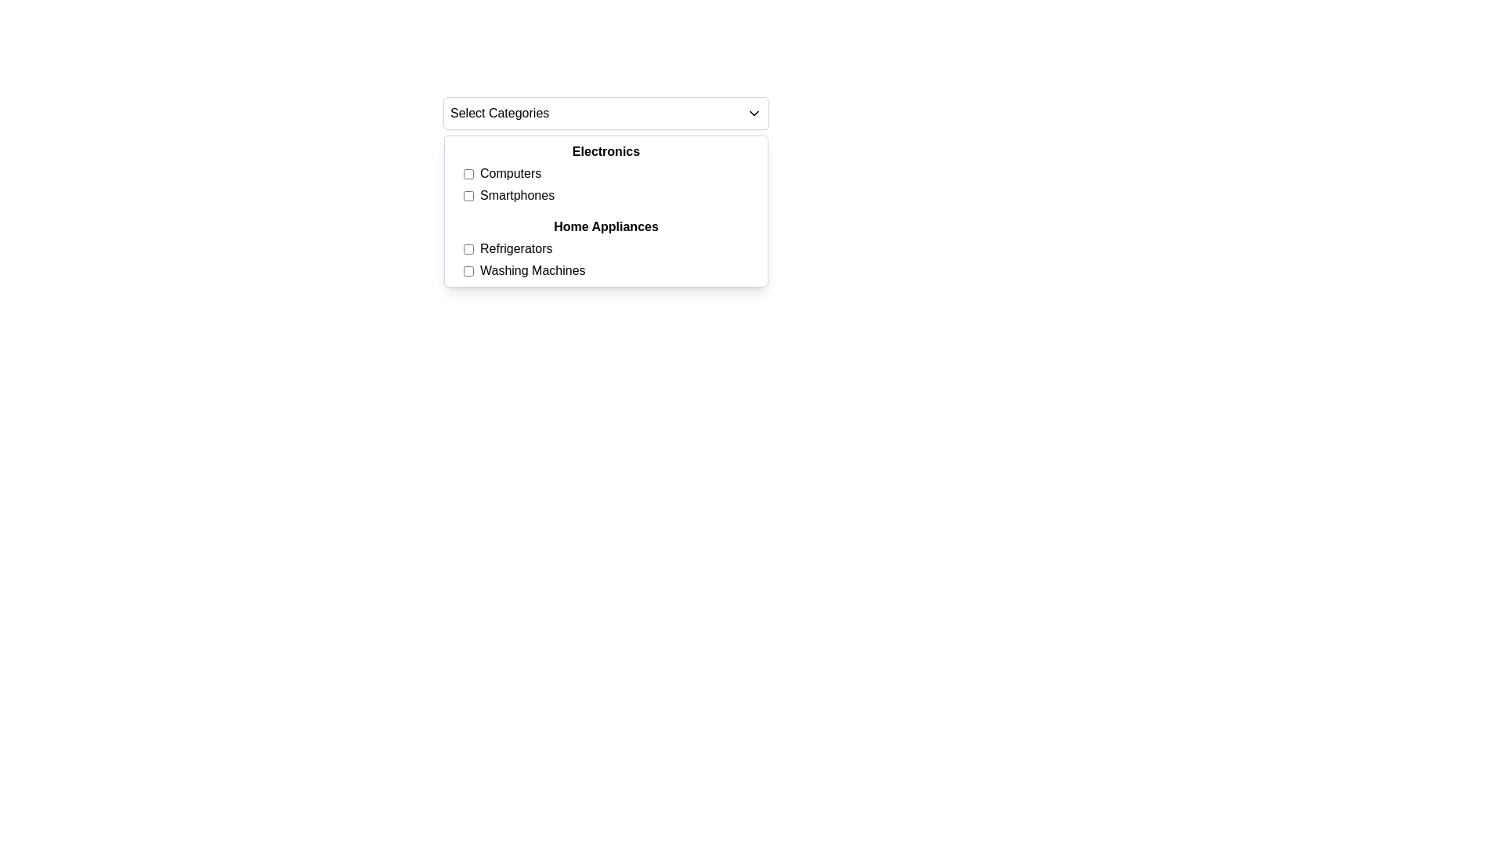  What do you see at coordinates (468, 270) in the screenshot?
I see `the checkbox element located inside the 'Washing Machines' option under 'Home Appliances'` at bounding box center [468, 270].